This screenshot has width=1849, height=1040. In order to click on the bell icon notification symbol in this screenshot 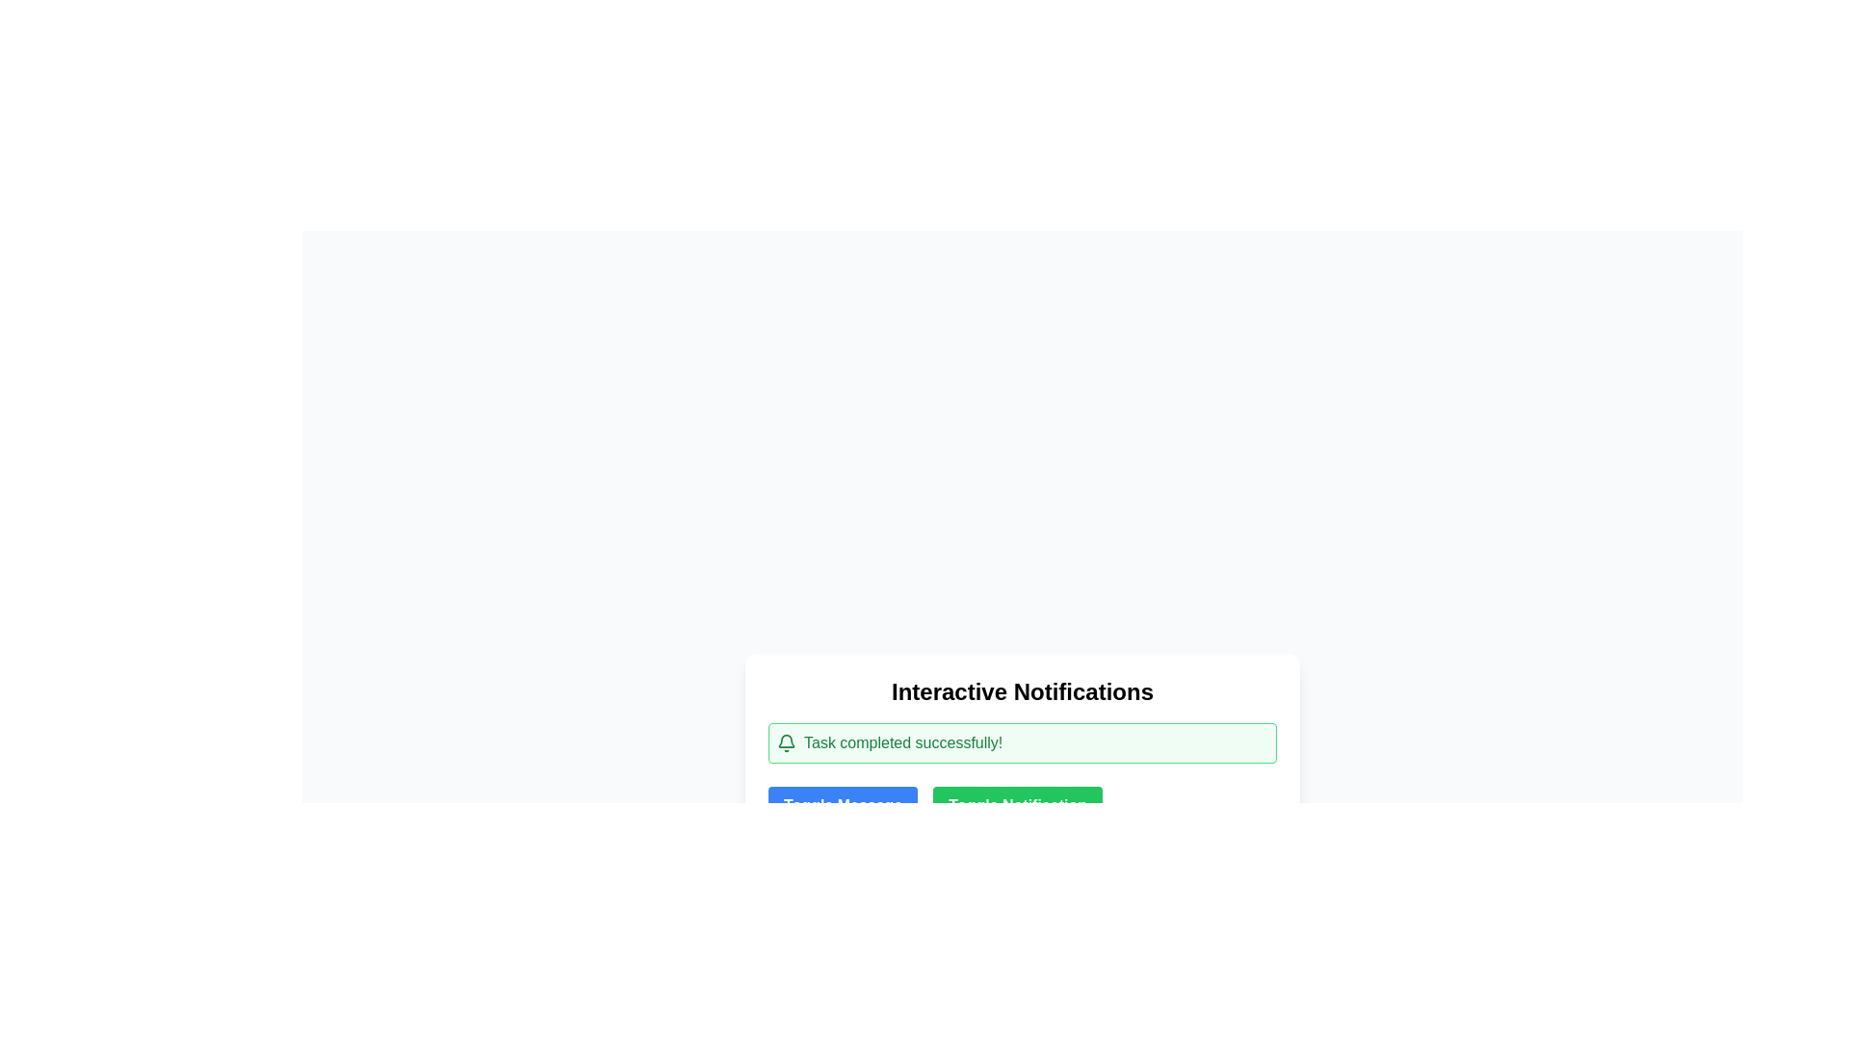, I will do `click(786, 741)`.